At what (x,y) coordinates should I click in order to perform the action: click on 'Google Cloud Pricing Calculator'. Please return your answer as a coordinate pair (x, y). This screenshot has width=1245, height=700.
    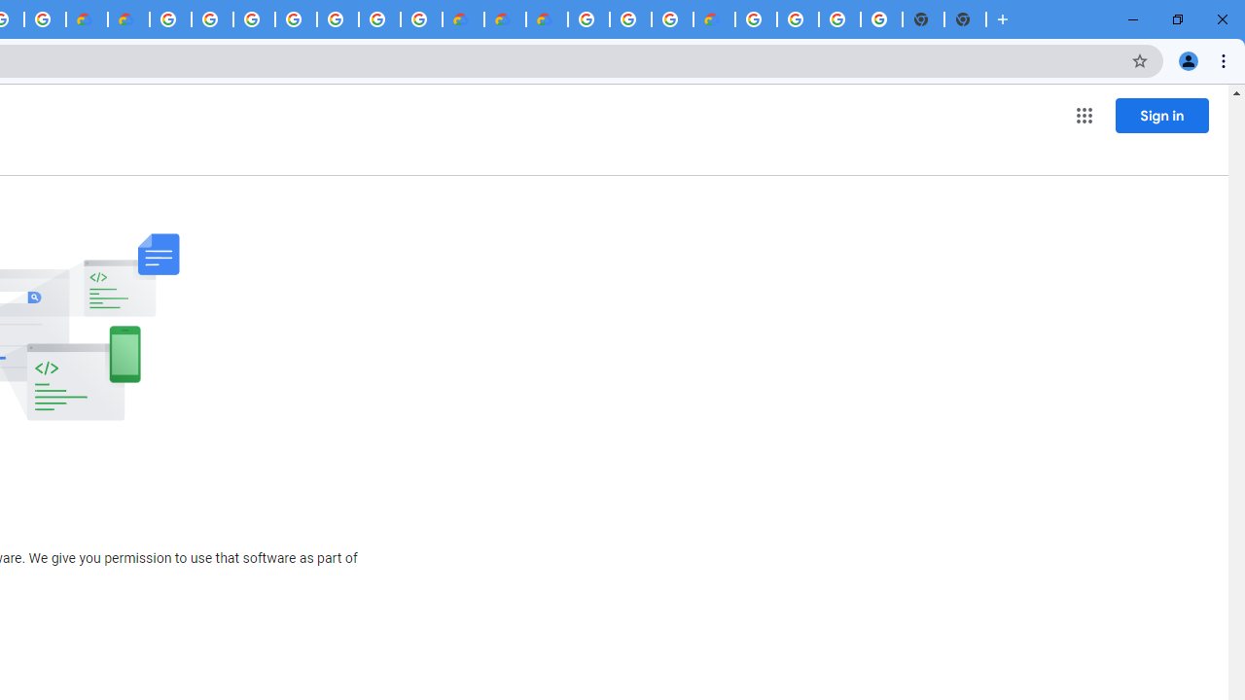
    Looking at the image, I should click on (505, 19).